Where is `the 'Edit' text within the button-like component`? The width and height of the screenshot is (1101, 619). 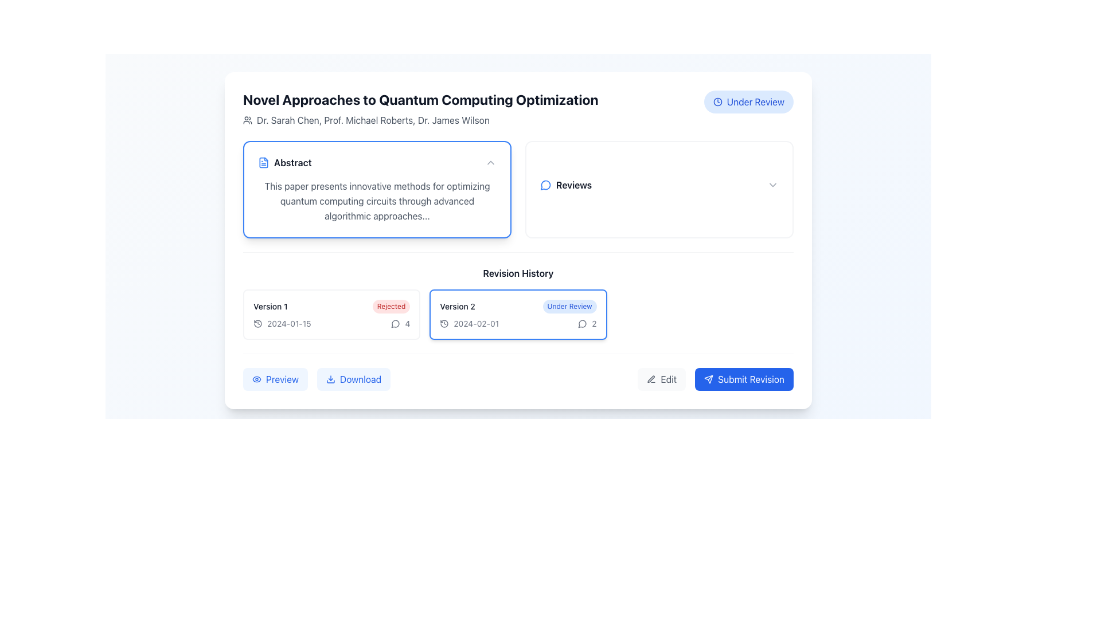
the 'Edit' text within the button-like component is located at coordinates (669, 379).